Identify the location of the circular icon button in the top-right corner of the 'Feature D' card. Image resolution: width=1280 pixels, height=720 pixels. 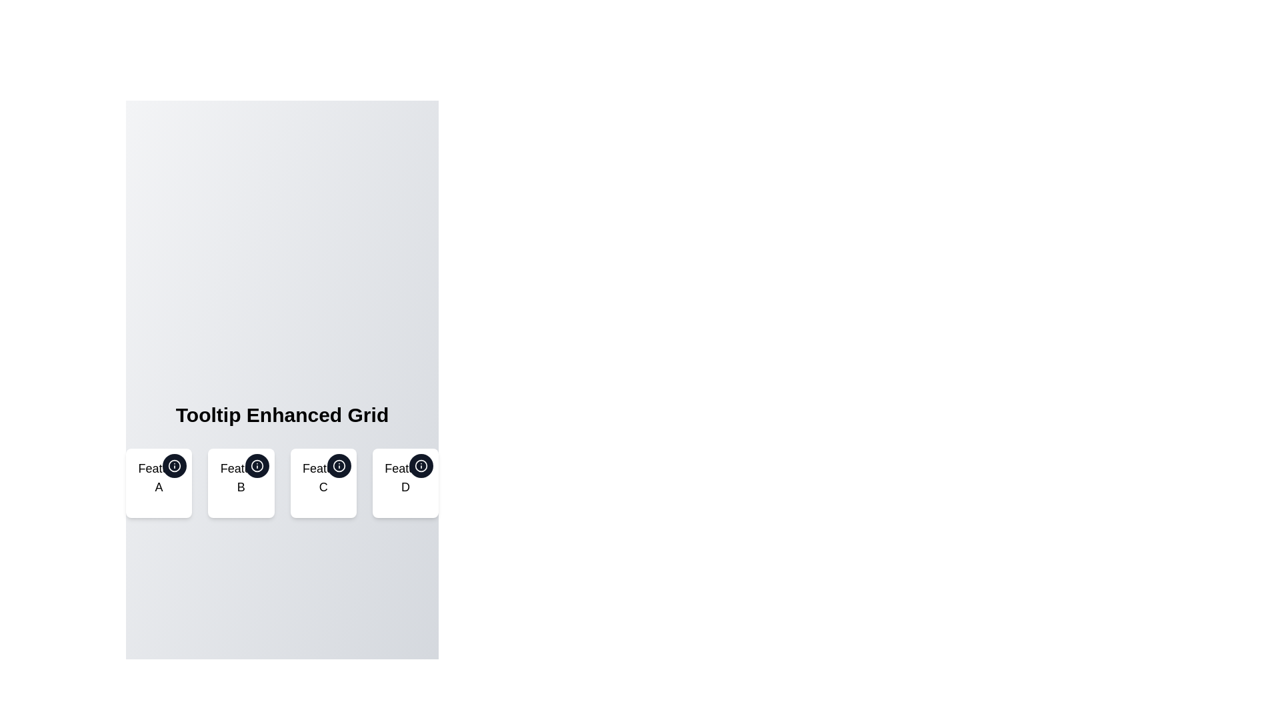
(421, 465).